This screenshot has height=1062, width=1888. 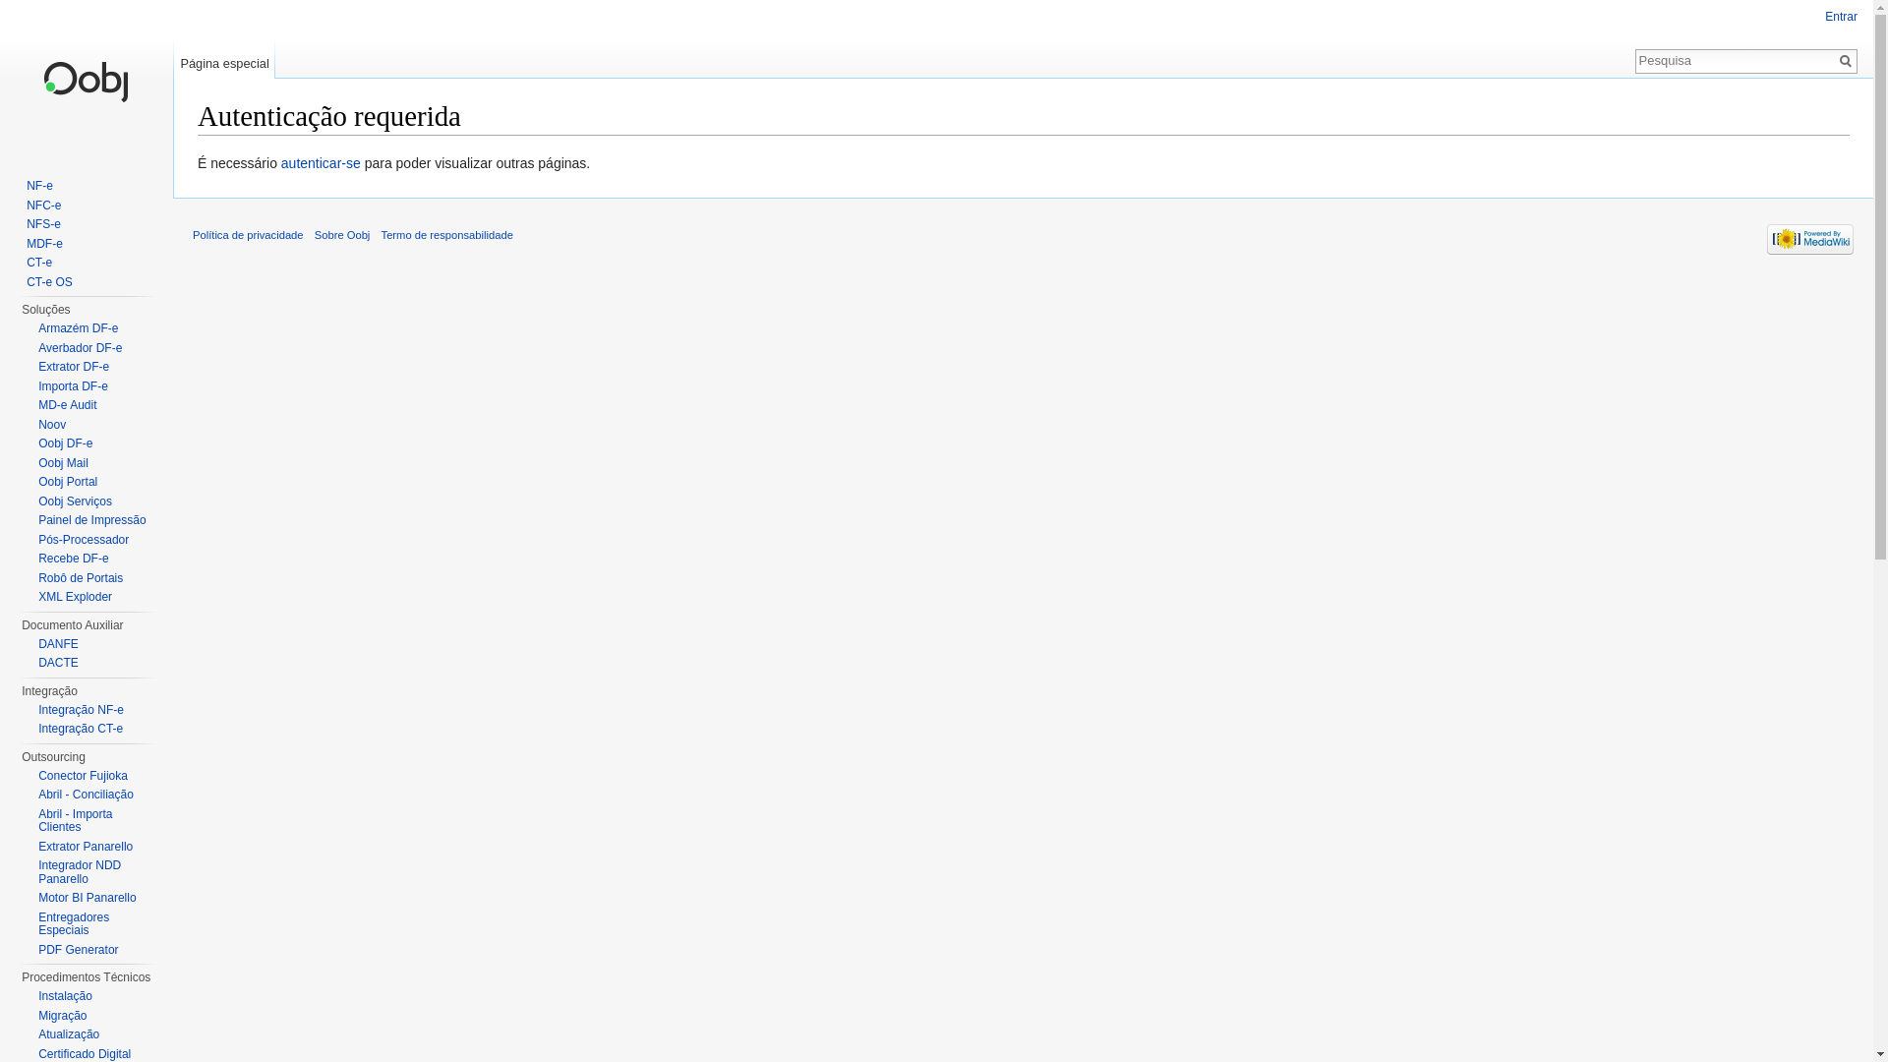 I want to click on 'Averbador DF-e', so click(x=79, y=346).